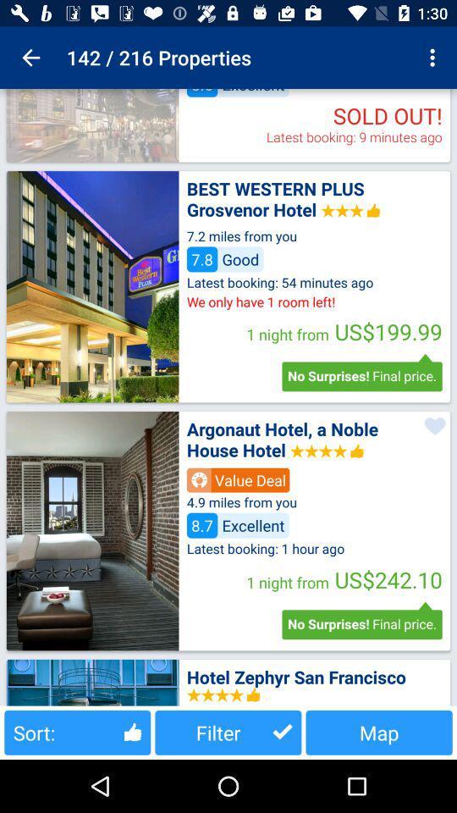 Image resolution: width=457 pixels, height=813 pixels. What do you see at coordinates (92, 530) in the screenshot?
I see `open hotel listing` at bounding box center [92, 530].